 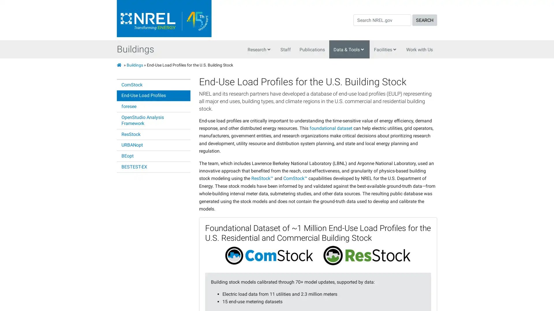 What do you see at coordinates (425, 20) in the screenshot?
I see `SEARCH` at bounding box center [425, 20].